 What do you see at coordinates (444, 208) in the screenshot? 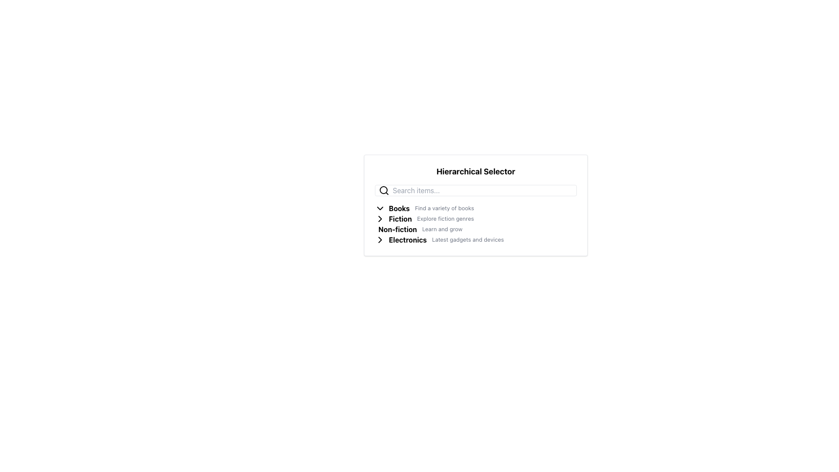
I see `the Text Display that contains the text 'Find a variety of books', located to the right of the 'Books' label` at bounding box center [444, 208].